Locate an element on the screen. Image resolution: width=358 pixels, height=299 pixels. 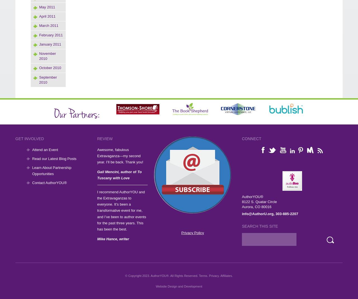
'February 2011' is located at coordinates (51, 35).